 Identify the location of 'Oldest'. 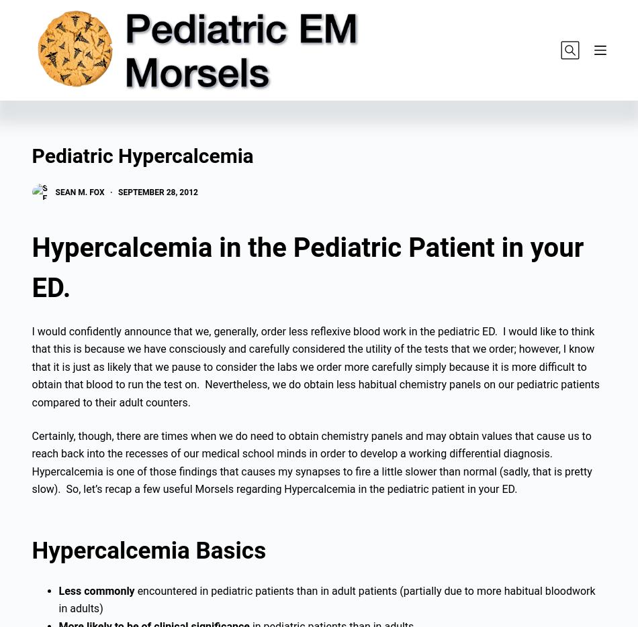
(156, 95).